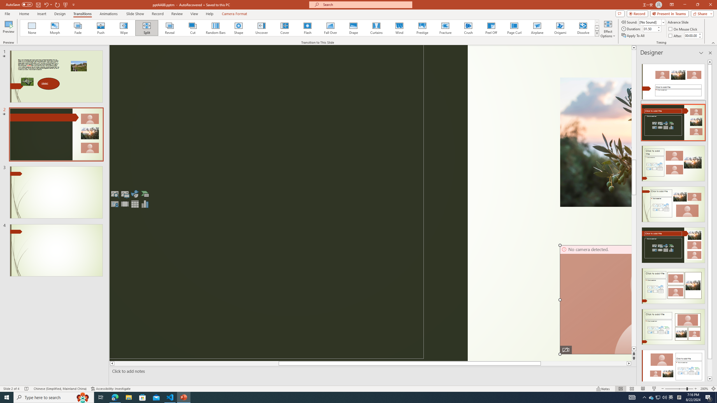 The image size is (717, 403). I want to click on 'Insert Table', so click(135, 203).